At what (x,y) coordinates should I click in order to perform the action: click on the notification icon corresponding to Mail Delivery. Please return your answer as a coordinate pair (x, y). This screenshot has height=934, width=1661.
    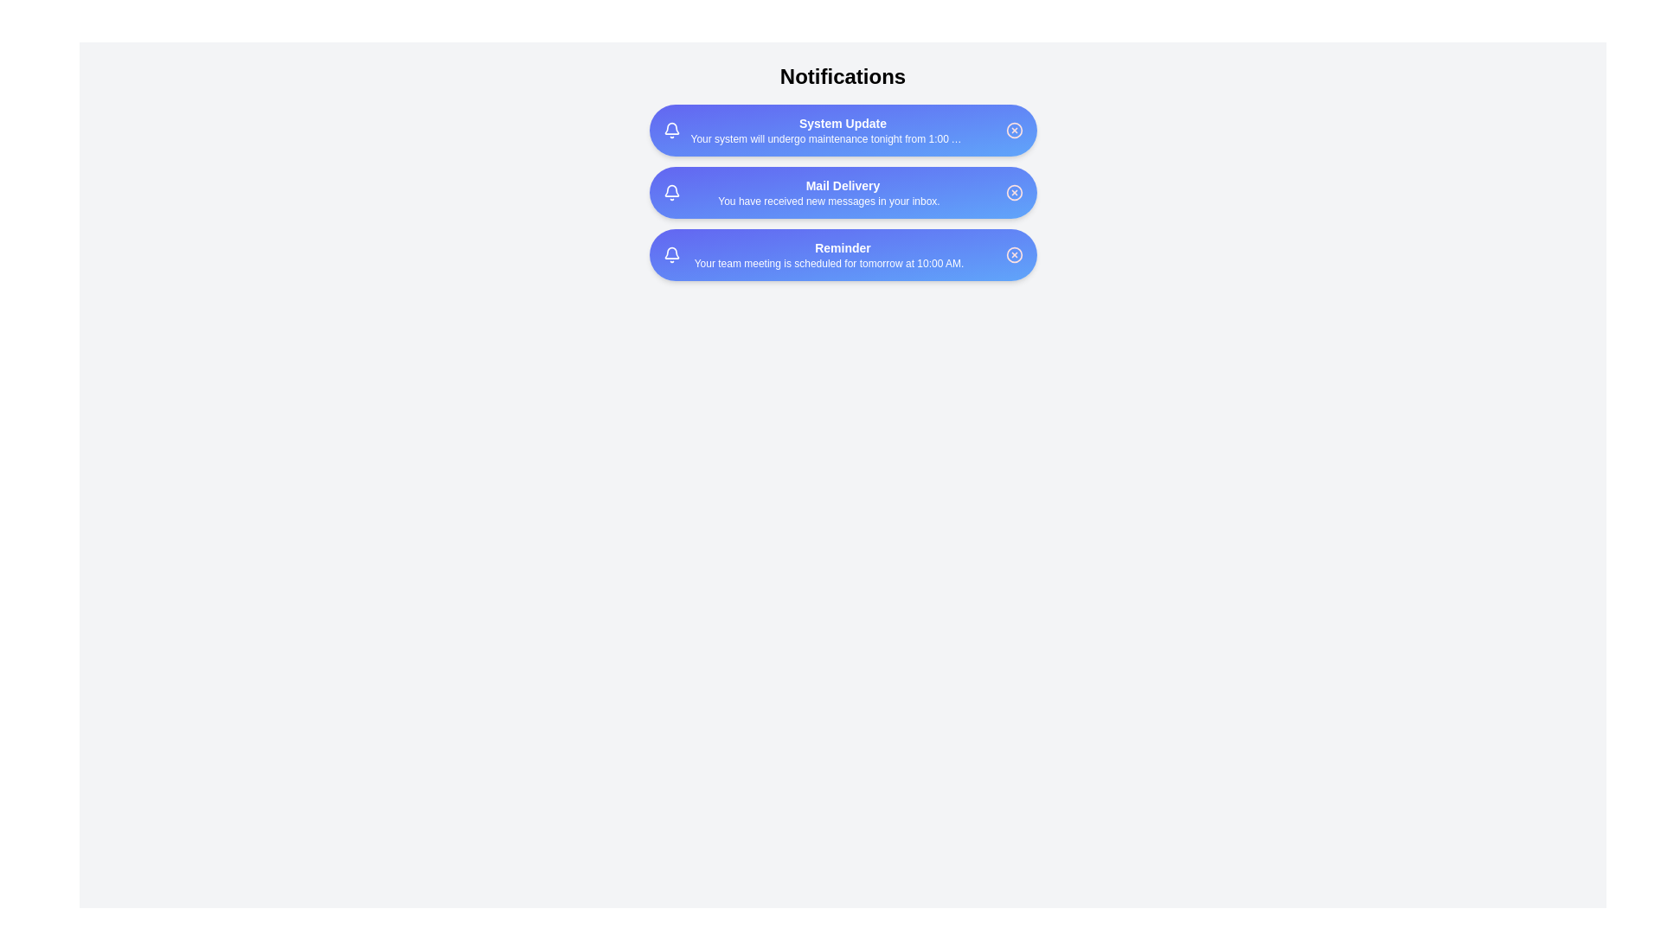
    Looking at the image, I should click on (670, 193).